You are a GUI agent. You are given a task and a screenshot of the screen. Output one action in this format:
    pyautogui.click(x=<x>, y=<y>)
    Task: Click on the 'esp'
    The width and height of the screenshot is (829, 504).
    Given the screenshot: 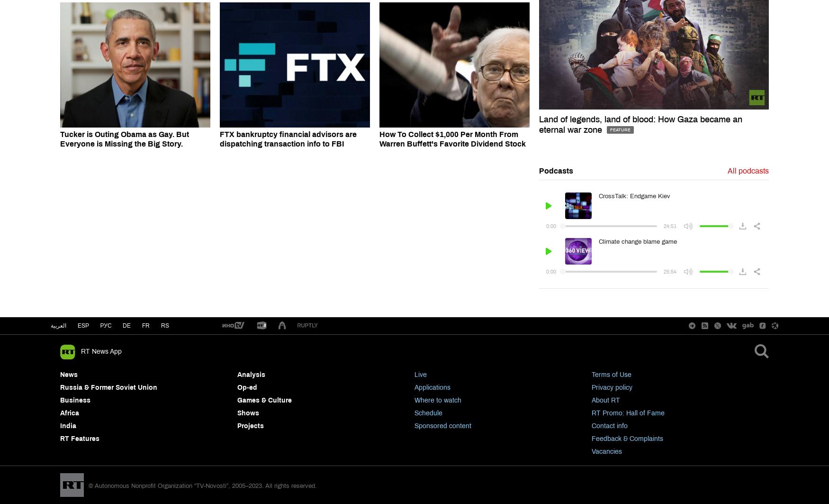 What is the action you would take?
    pyautogui.click(x=82, y=325)
    